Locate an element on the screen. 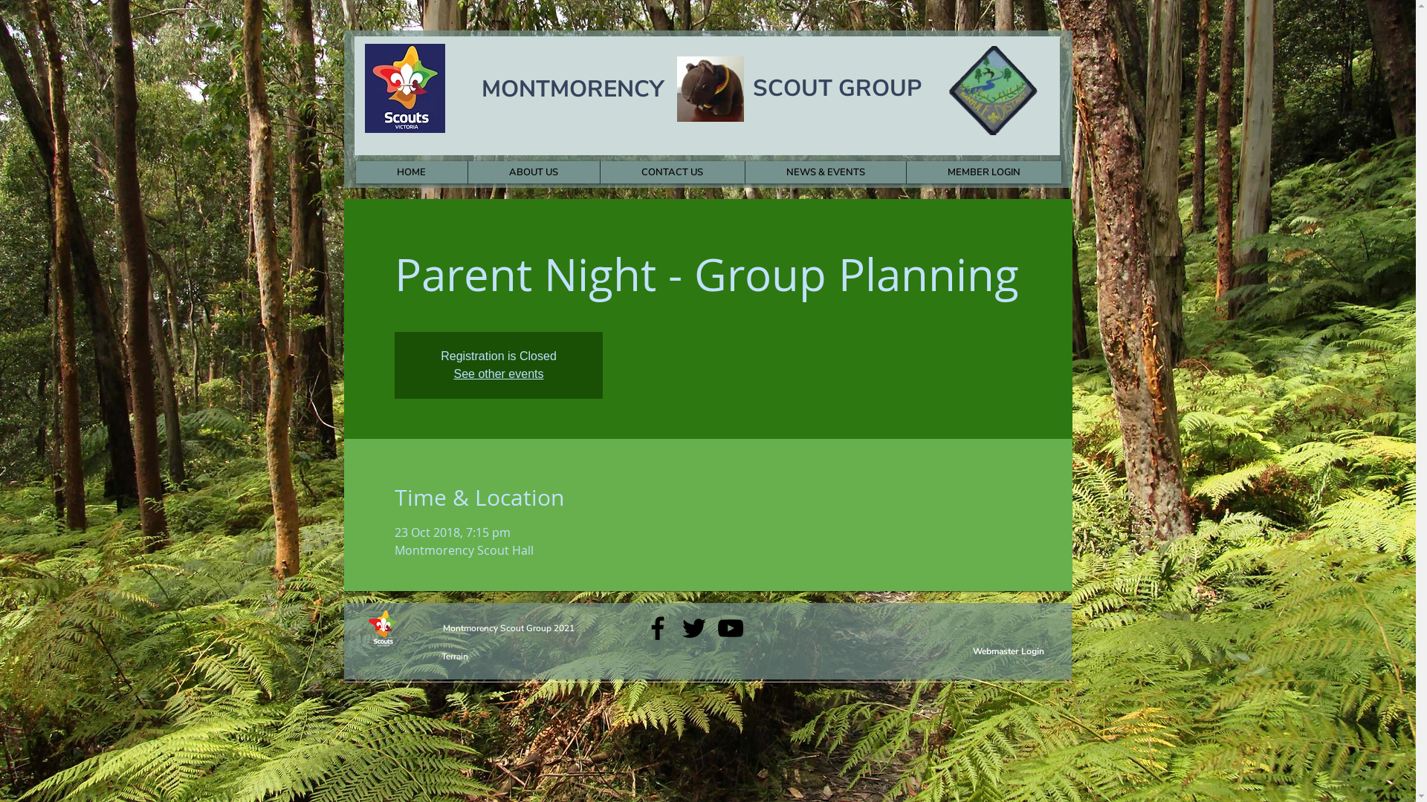 This screenshot has height=802, width=1427. 'See other events' is located at coordinates (499, 373).